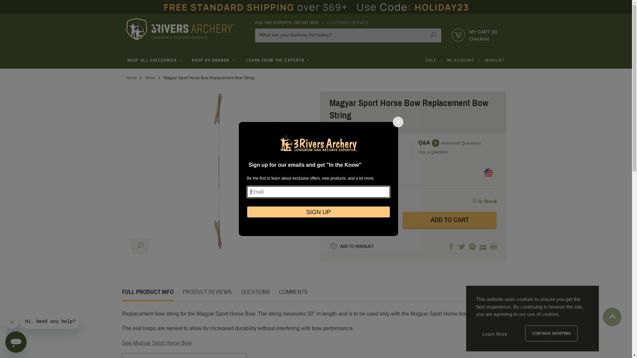 The height and width of the screenshot is (358, 637). Describe the element at coordinates (50, 321) in the screenshot. I see `'Message from company'` at that location.